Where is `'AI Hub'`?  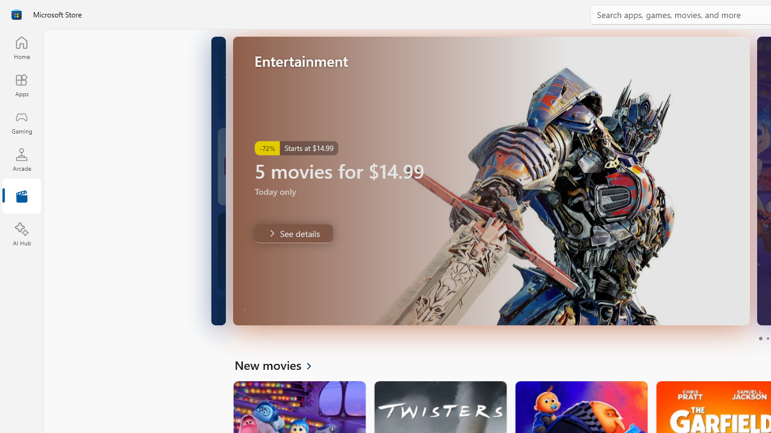 'AI Hub' is located at coordinates (21, 235).